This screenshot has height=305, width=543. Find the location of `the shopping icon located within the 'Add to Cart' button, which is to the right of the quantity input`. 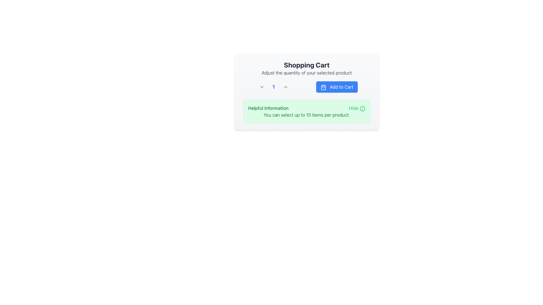

the shopping icon located within the 'Add to Cart' button, which is to the right of the quantity input is located at coordinates (324, 87).